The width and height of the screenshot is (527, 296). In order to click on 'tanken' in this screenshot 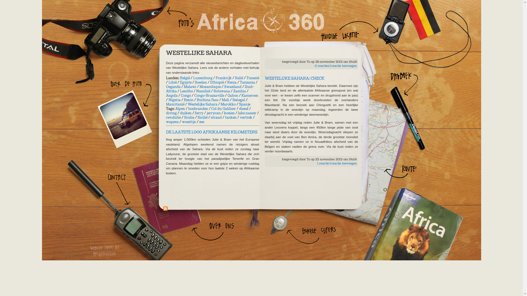, I will do `click(231, 117)`.